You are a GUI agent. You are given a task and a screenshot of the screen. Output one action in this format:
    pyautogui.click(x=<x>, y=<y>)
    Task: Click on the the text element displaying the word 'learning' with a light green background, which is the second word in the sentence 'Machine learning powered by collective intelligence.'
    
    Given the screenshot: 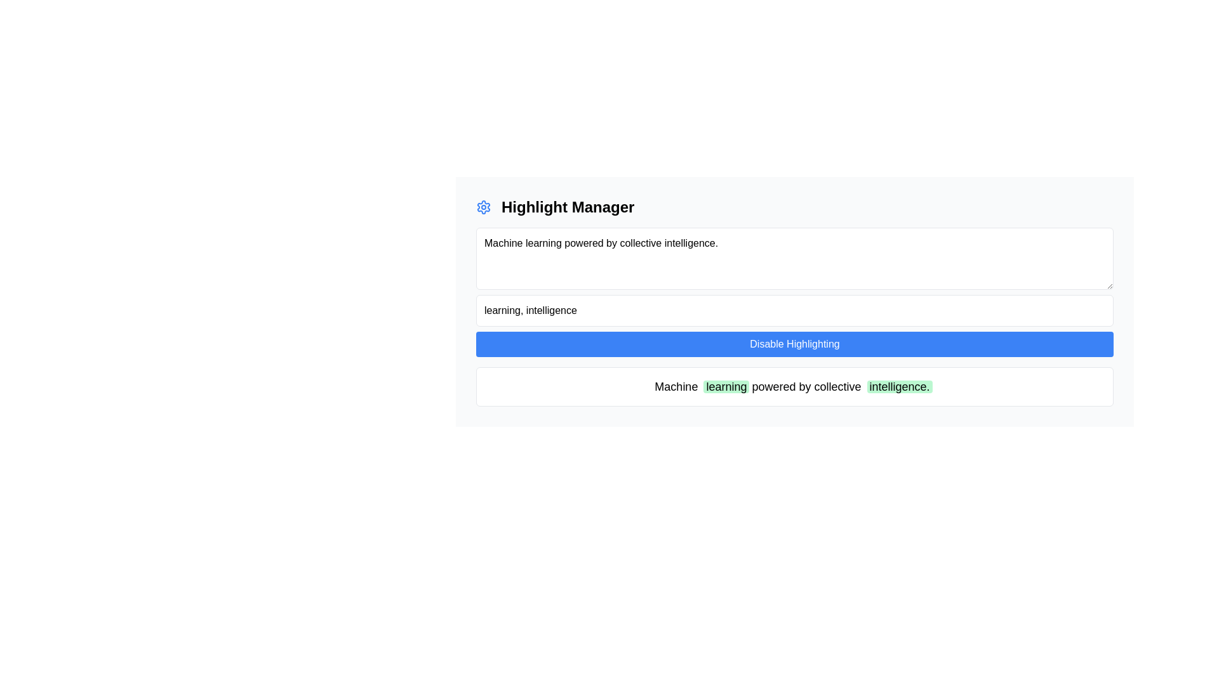 What is the action you would take?
    pyautogui.click(x=726, y=386)
    